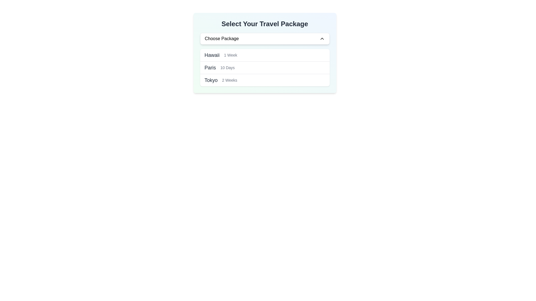 This screenshot has height=301, width=536. I want to click on the text label displaying the duration '1 Week', which is located to the right of 'Hawaii' in the first row of the 'Select Your Travel Package' dropdown menu, so click(231, 55).